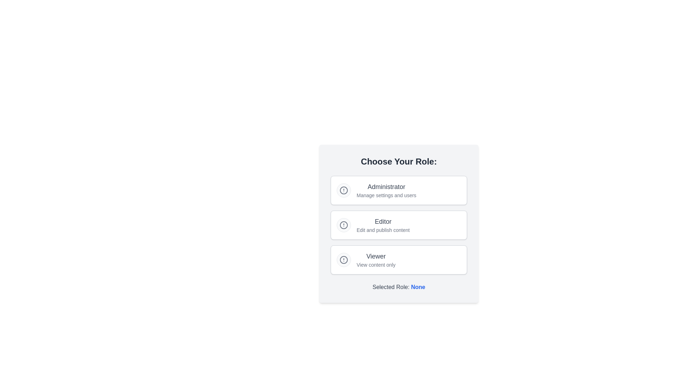  Describe the element at coordinates (399, 161) in the screenshot. I see `the static text element located at the top of the dialog box, which serves as the descriptive title for the section above the list of role options` at that location.